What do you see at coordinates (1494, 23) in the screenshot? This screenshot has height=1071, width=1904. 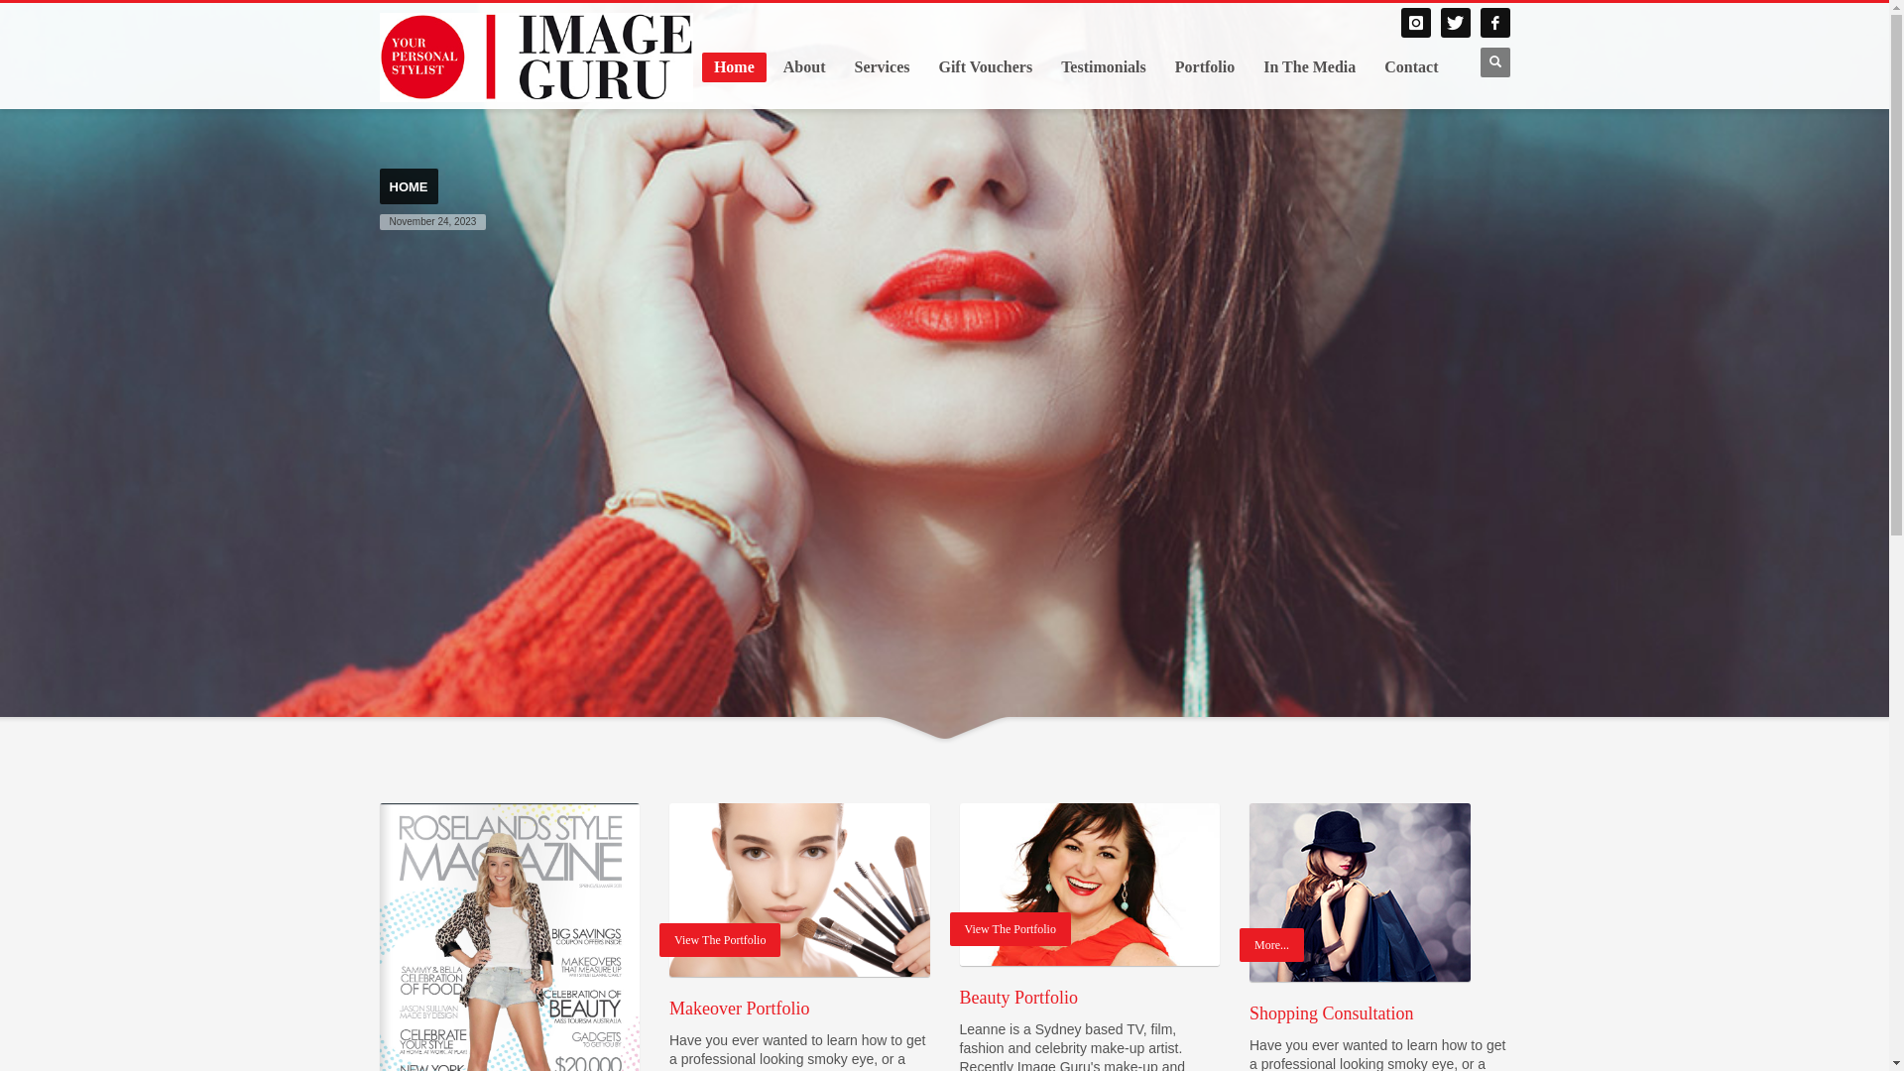 I see `'Facebook'` at bounding box center [1494, 23].